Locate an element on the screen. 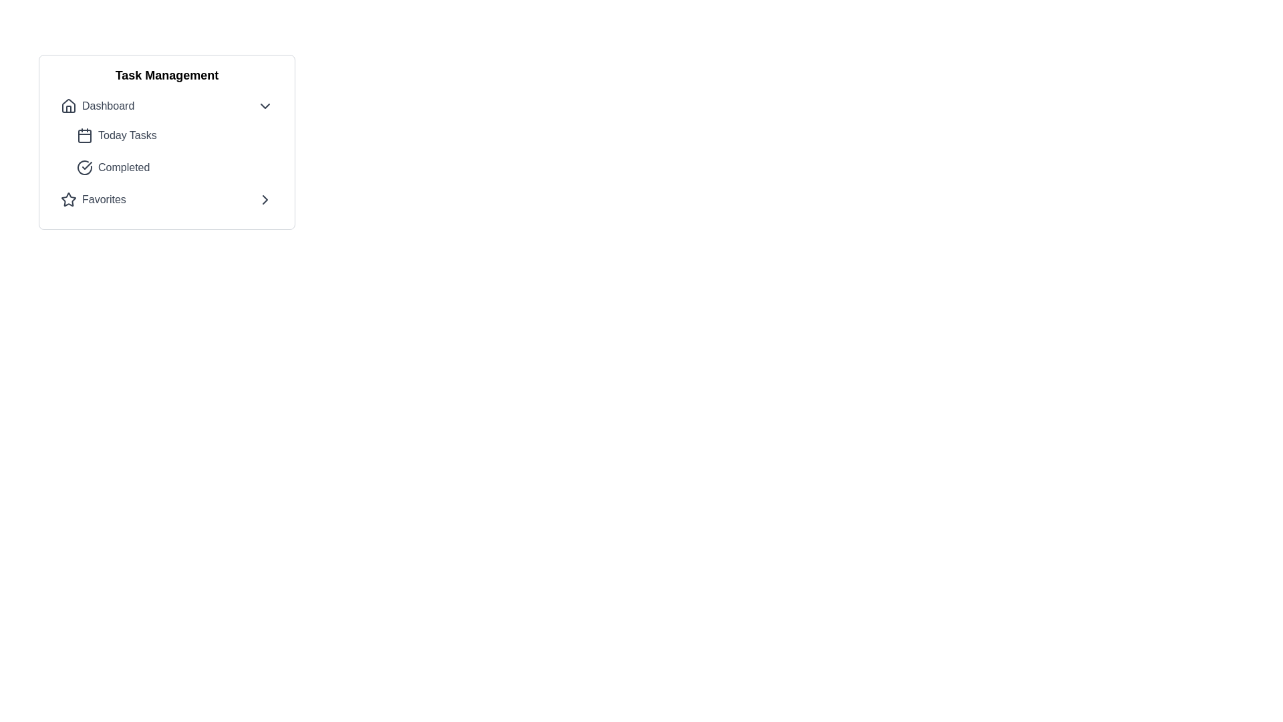 The image size is (1283, 722). the star-shaped icon located in the 'Favorites' row of the 'Task Management' section is located at coordinates (67, 200).